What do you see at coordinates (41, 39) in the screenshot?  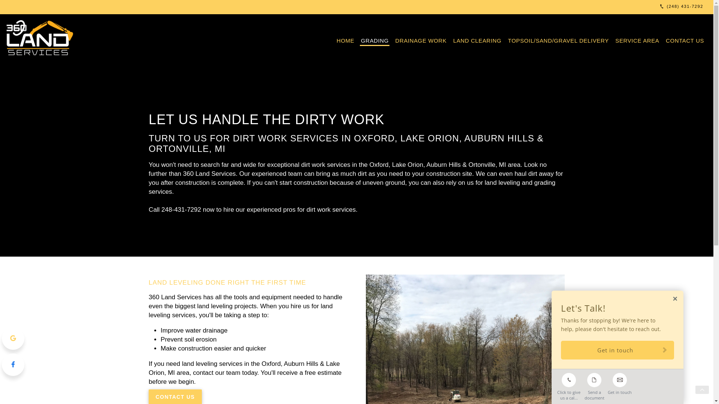 I see `'360 Land Services'` at bounding box center [41, 39].